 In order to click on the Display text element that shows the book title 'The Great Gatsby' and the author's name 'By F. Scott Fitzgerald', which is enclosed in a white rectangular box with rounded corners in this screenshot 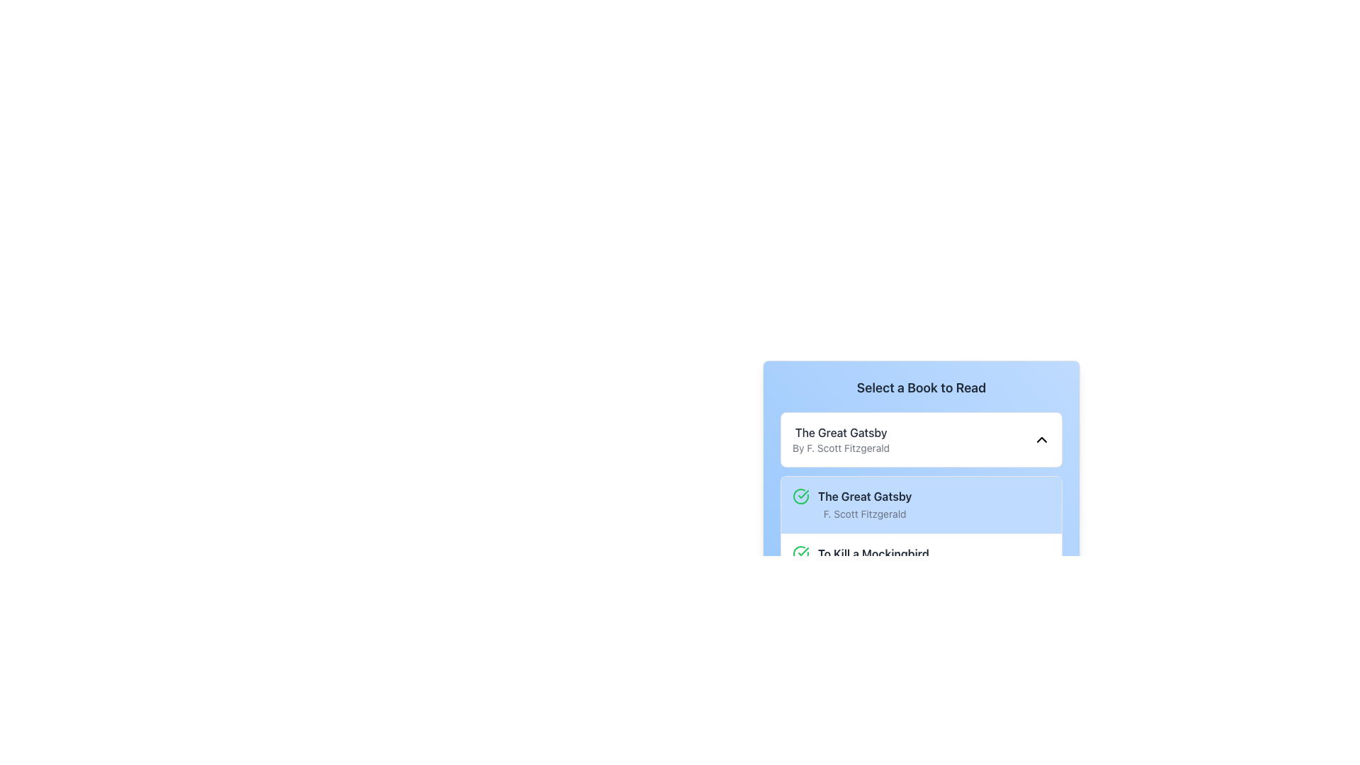, I will do `click(841, 439)`.